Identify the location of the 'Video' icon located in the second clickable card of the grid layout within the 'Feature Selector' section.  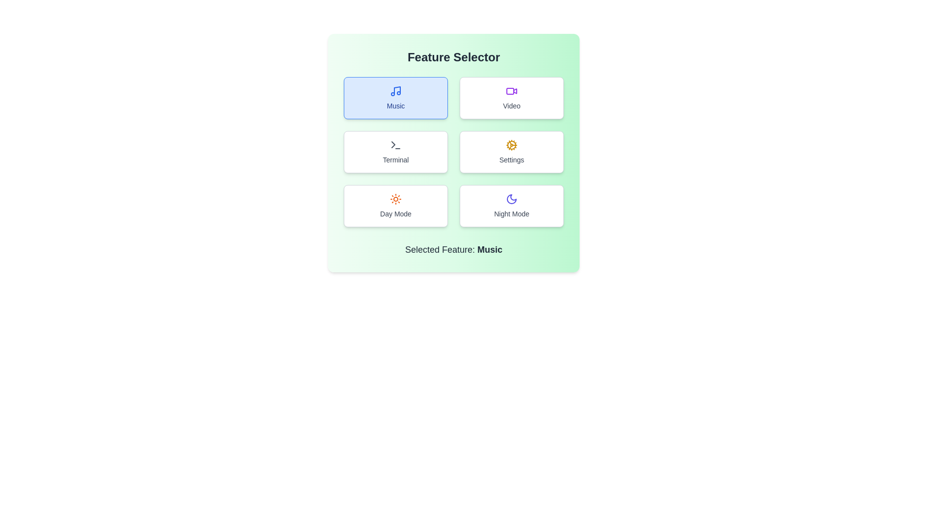
(511, 91).